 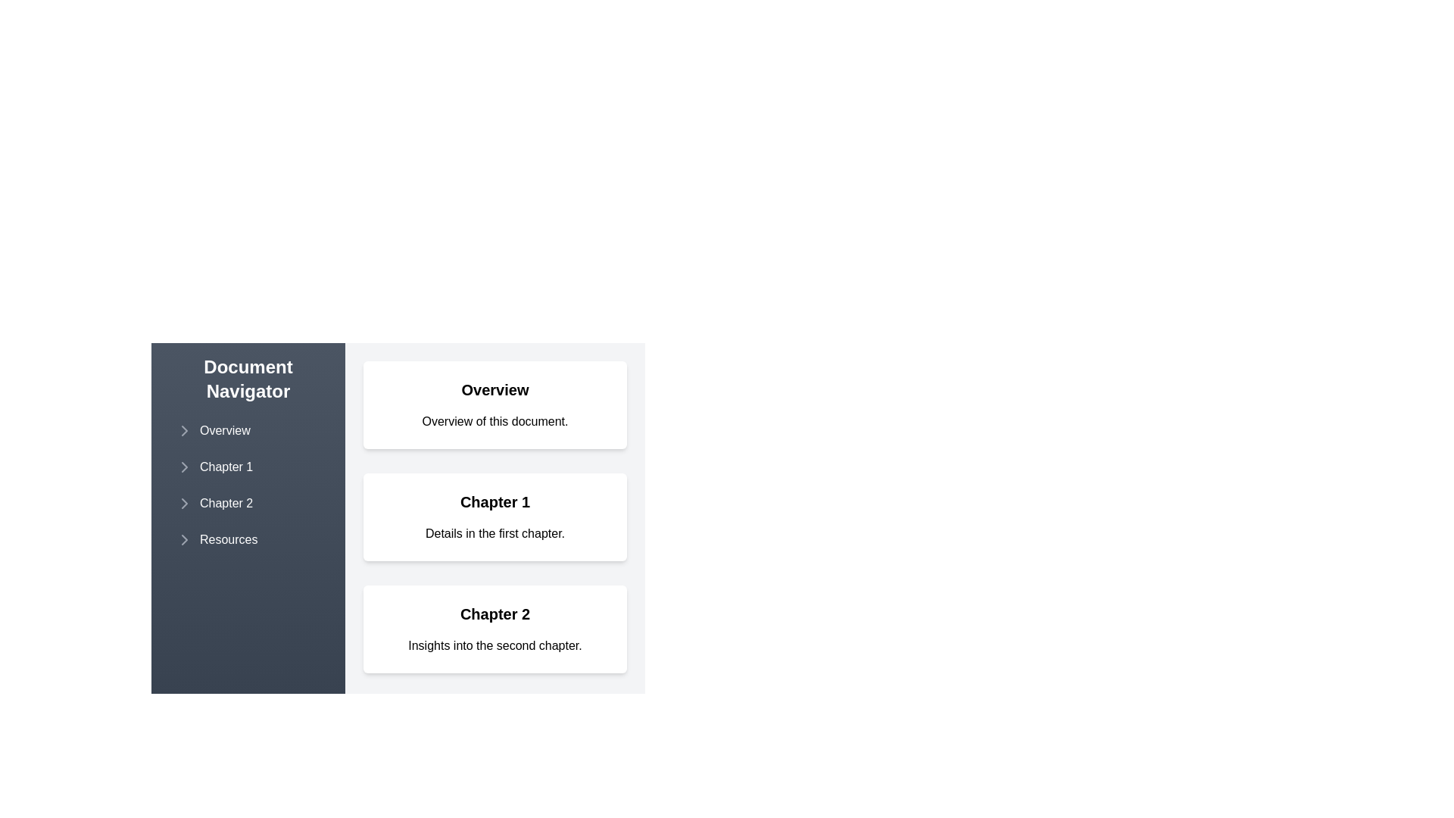 What do you see at coordinates (495, 613) in the screenshot?
I see `the static text heading element that reads 'Chapter 2', which is styled with a bold font and positioned at the top of the information box for Chapter 2` at bounding box center [495, 613].